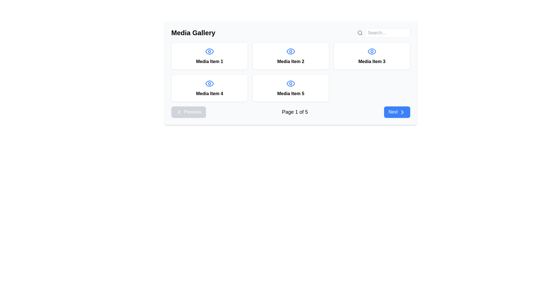 The width and height of the screenshot is (541, 304). Describe the element at coordinates (291, 62) in the screenshot. I see `the text label 'Media Item 2' which serves as a title or identifier for its associated media card in the grid layout` at that location.